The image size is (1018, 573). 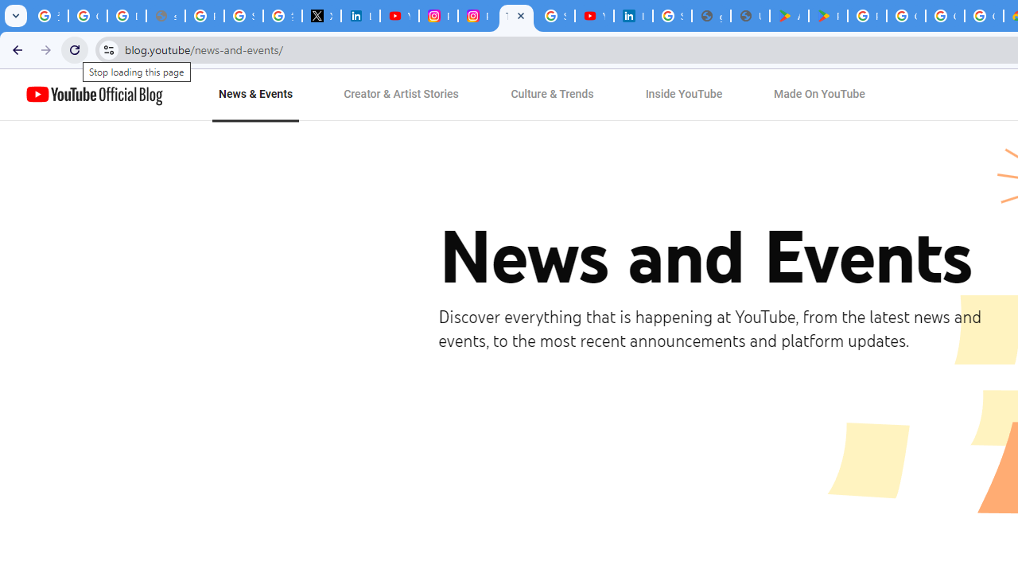 What do you see at coordinates (553, 95) in the screenshot?
I see `'Culture & Trends'` at bounding box center [553, 95].